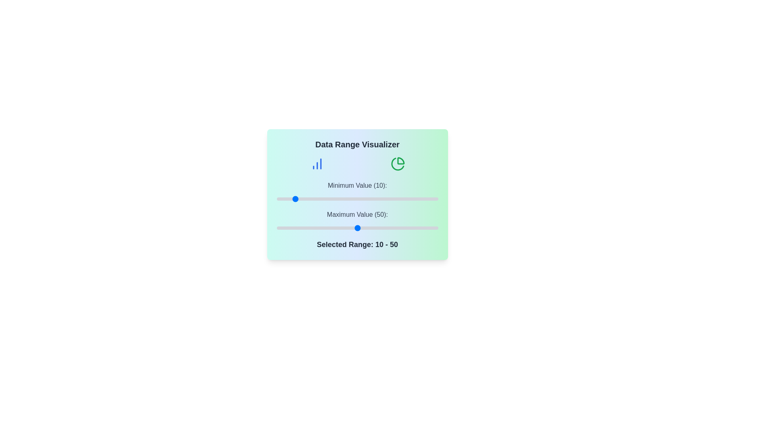  I want to click on the pie chart icon, so click(398, 163).